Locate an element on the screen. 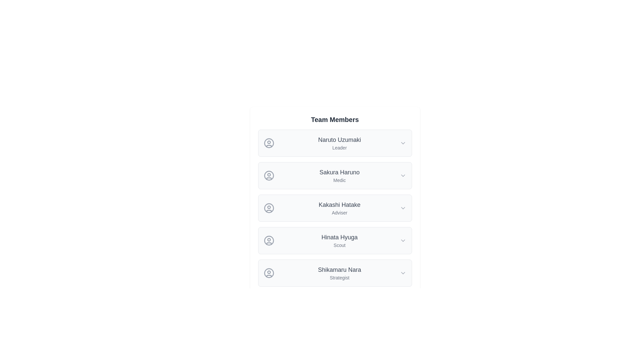 The height and width of the screenshot is (358, 637). the dropdown toggle button located in the rightmost area of the rectangular box containing 'Sakura Haruno' is located at coordinates (402, 175).